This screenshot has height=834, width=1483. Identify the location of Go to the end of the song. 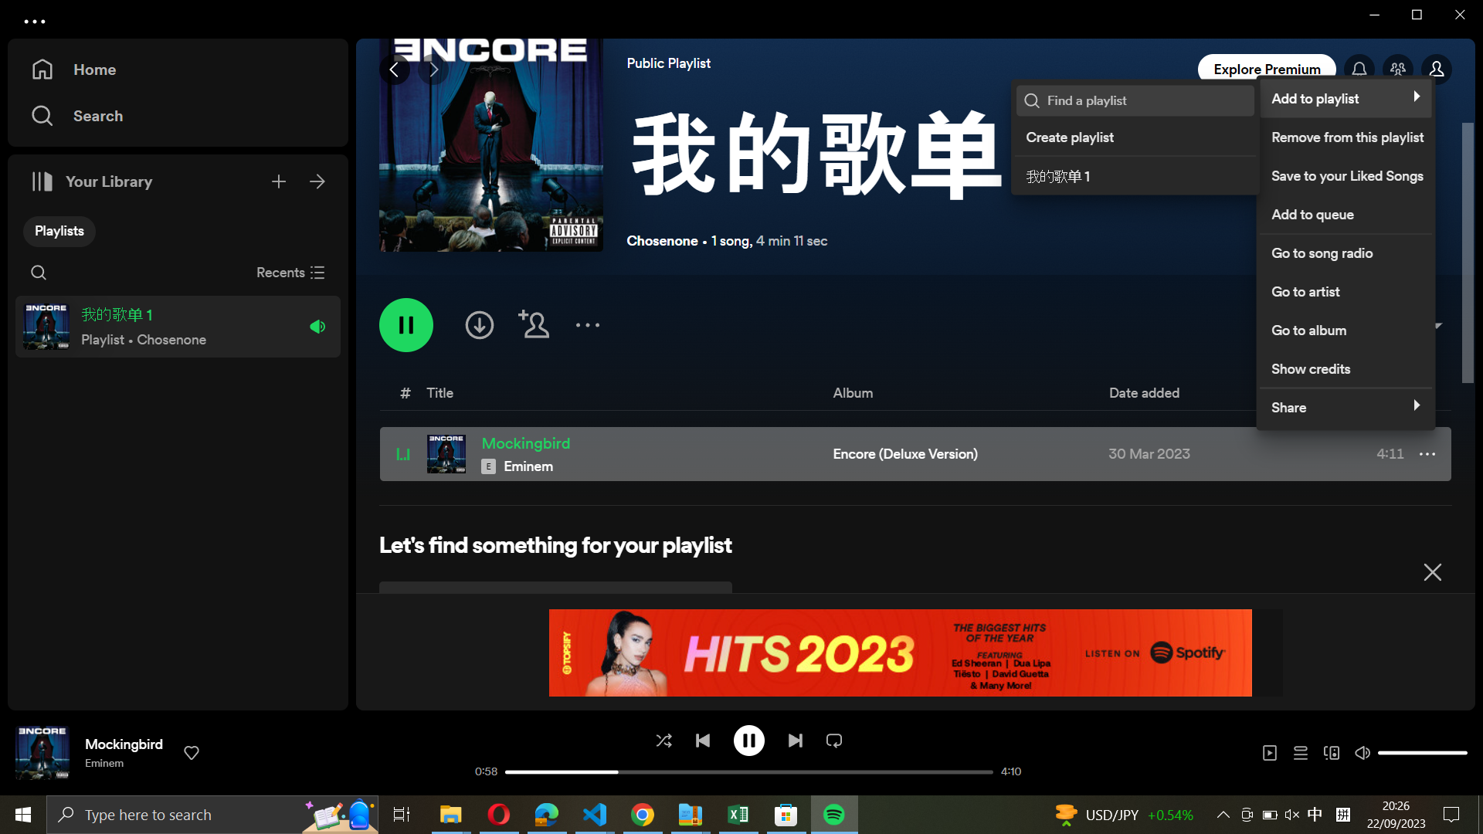
(794, 738).